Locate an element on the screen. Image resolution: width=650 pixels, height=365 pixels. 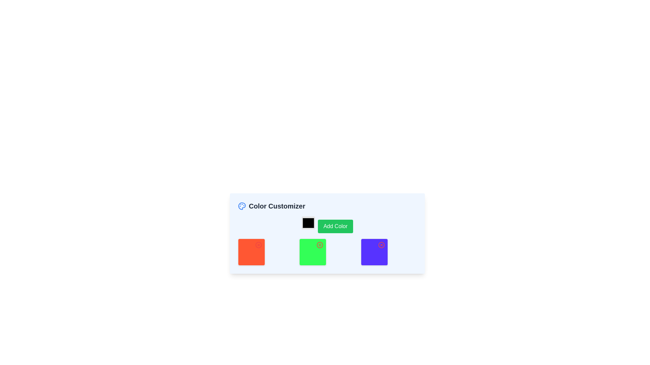
the central color swatch in the color customization tool, which is visually represented as a selectable color option in a horizontal row of three squares, located within the light blue panel labeled 'Color Customizer' is located at coordinates (312, 252).